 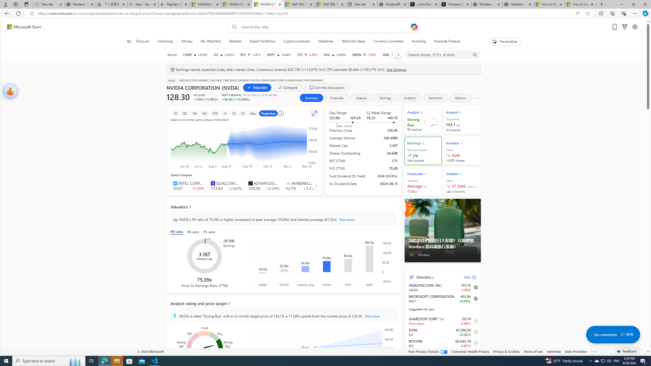 What do you see at coordinates (177, 232) in the screenshot?
I see `'PE ratio'` at bounding box center [177, 232].